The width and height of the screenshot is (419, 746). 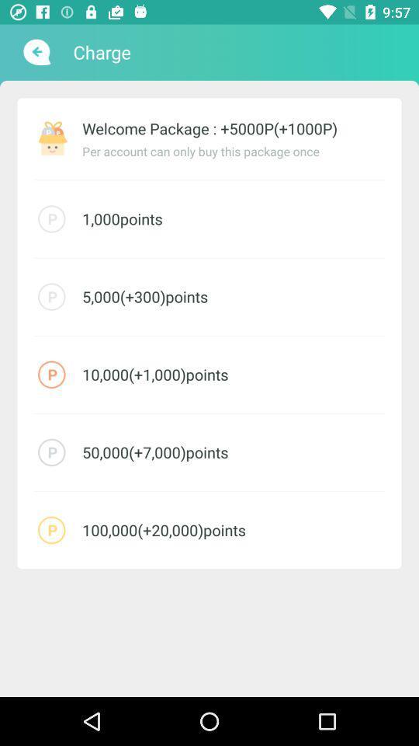 What do you see at coordinates (35, 52) in the screenshot?
I see `previous` at bounding box center [35, 52].